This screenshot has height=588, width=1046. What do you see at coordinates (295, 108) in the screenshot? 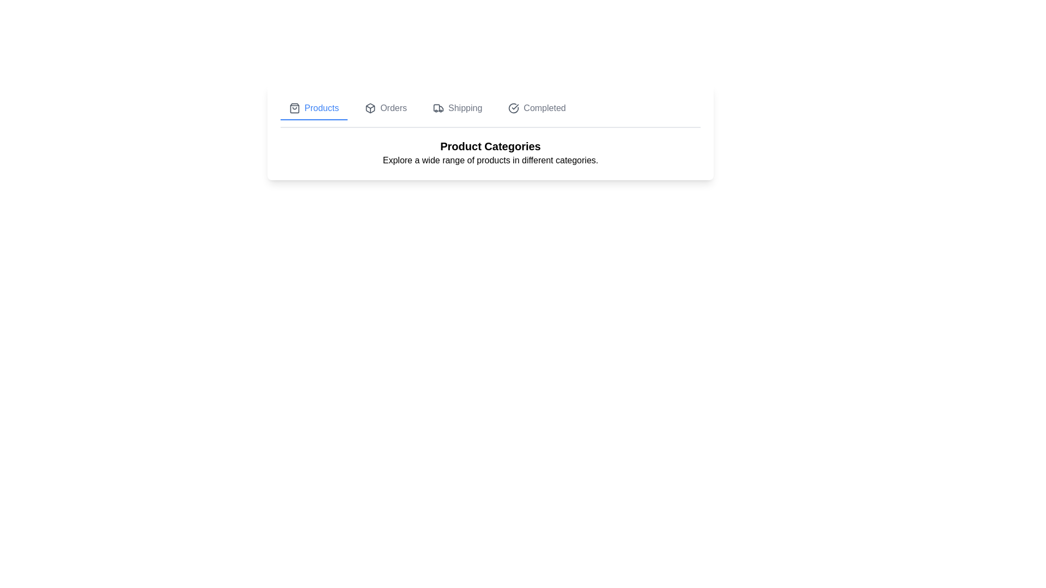
I see `the 'Products' tab SVG icon located to the left of the 'Products' label in the navigation menu` at bounding box center [295, 108].